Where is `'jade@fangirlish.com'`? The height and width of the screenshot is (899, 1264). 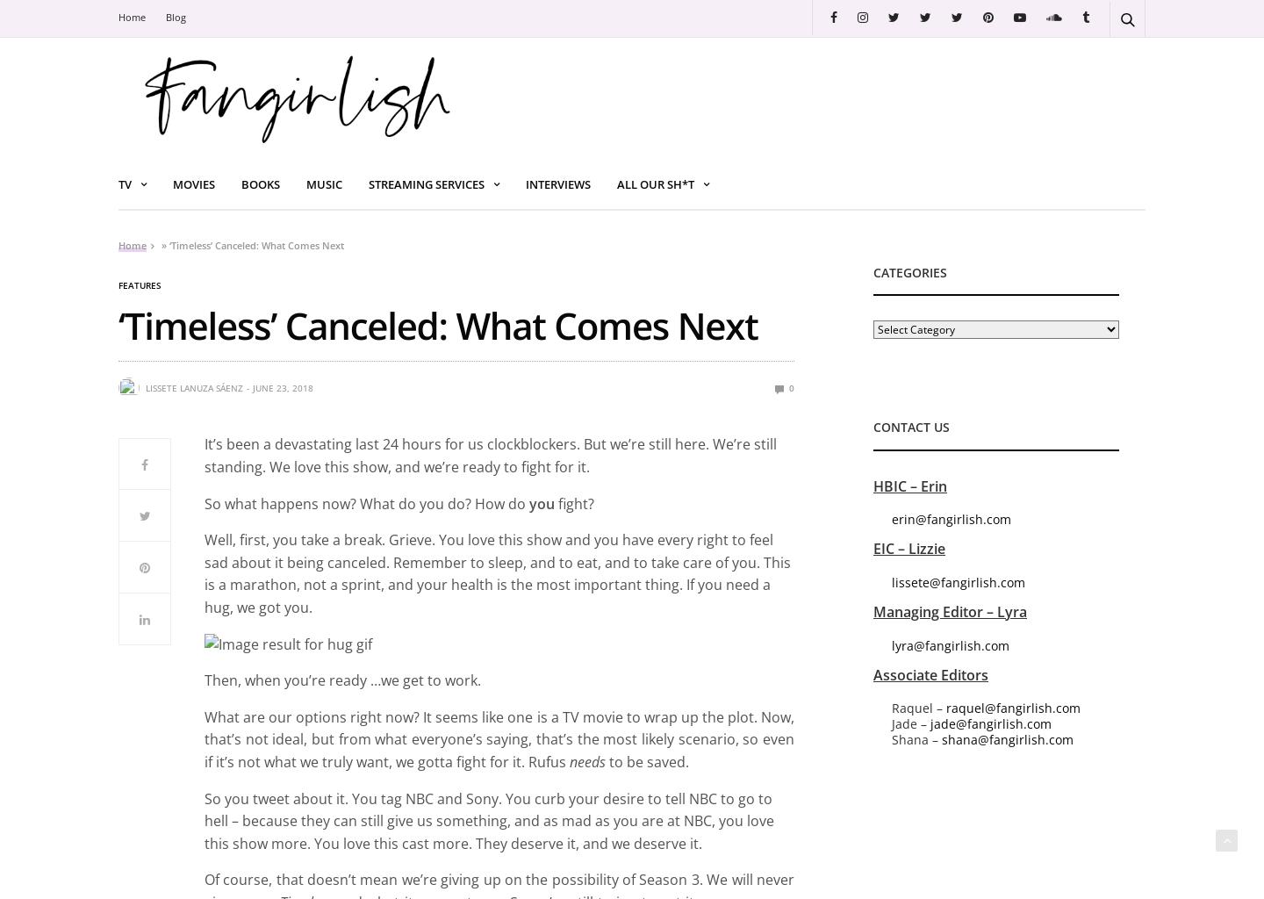
'jade@fangirlish.com' is located at coordinates (989, 723).